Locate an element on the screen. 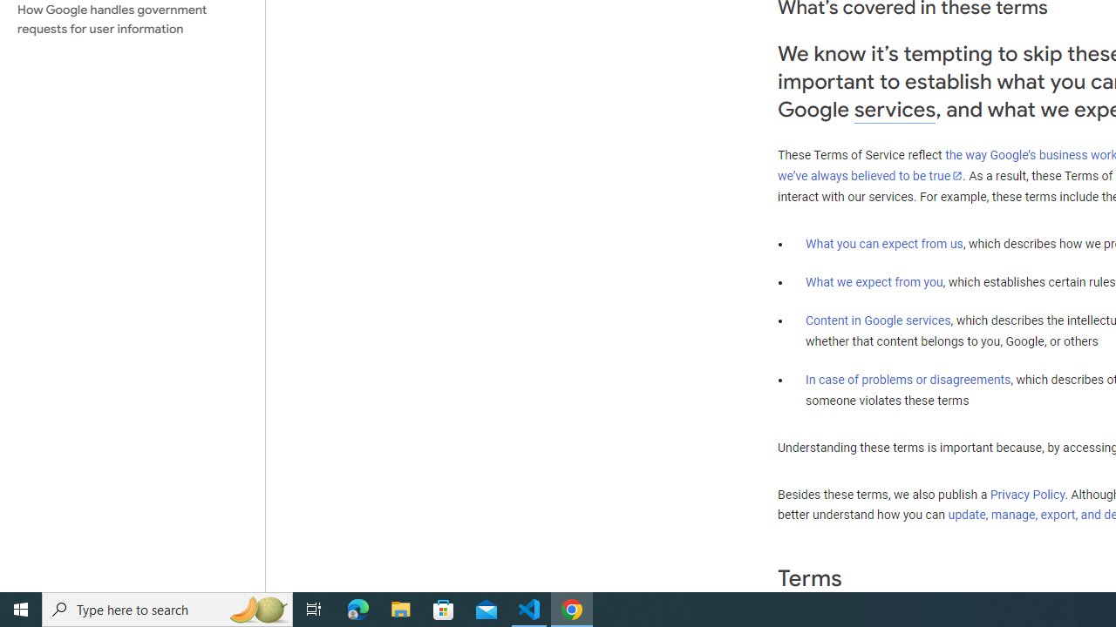 This screenshot has height=627, width=1116. 'Content in Google services' is located at coordinates (878, 320).